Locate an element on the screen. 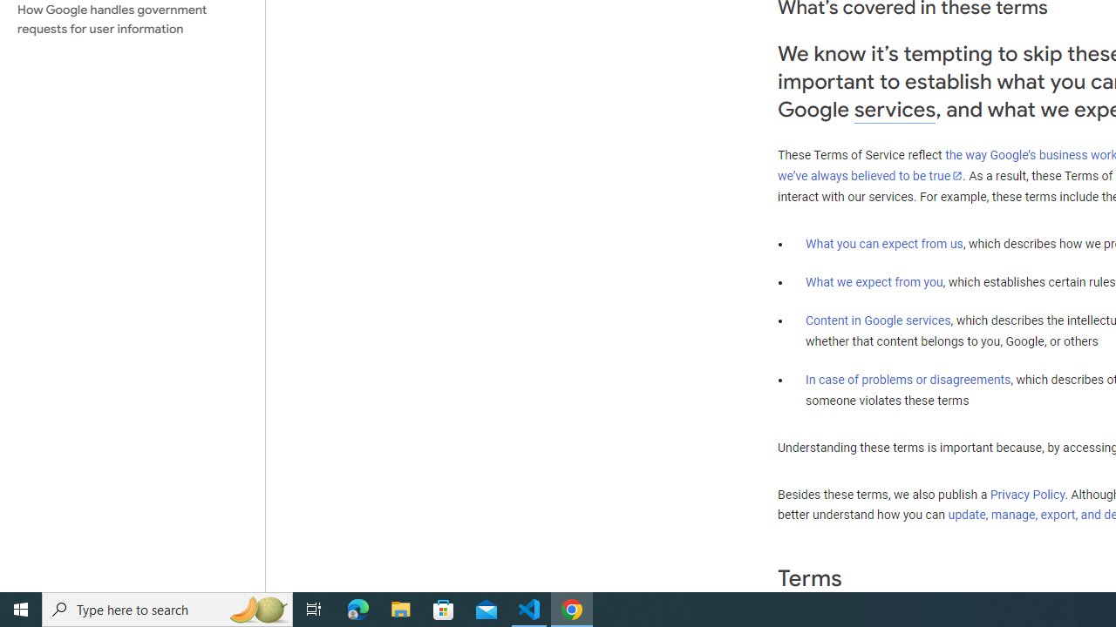 This screenshot has height=627, width=1116. 'Content in Google services' is located at coordinates (878, 320).